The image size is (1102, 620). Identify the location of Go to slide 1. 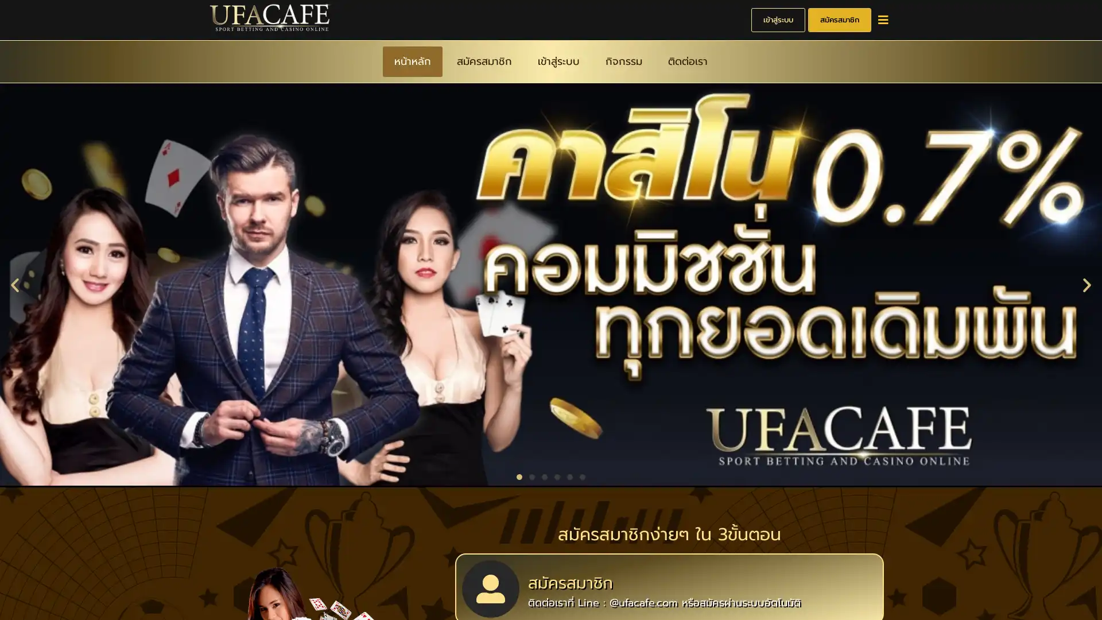
(519, 475).